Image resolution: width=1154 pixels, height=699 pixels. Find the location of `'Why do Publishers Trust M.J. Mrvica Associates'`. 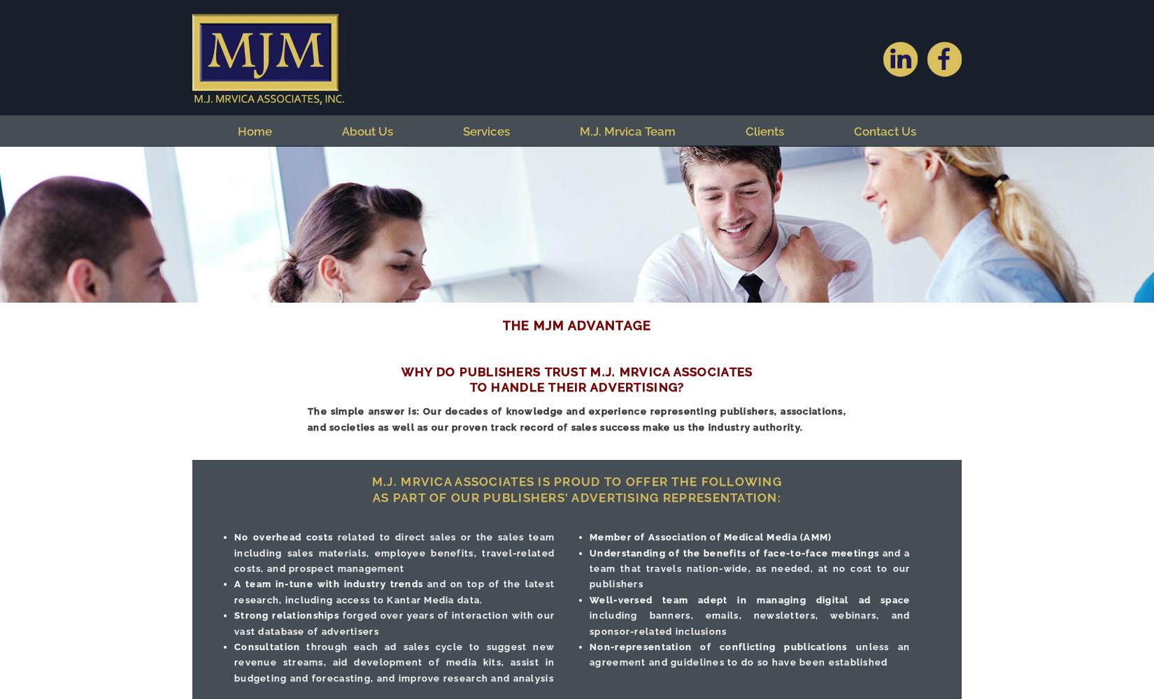

'Why do Publishers Trust M.J. Mrvica Associates' is located at coordinates (576, 371).